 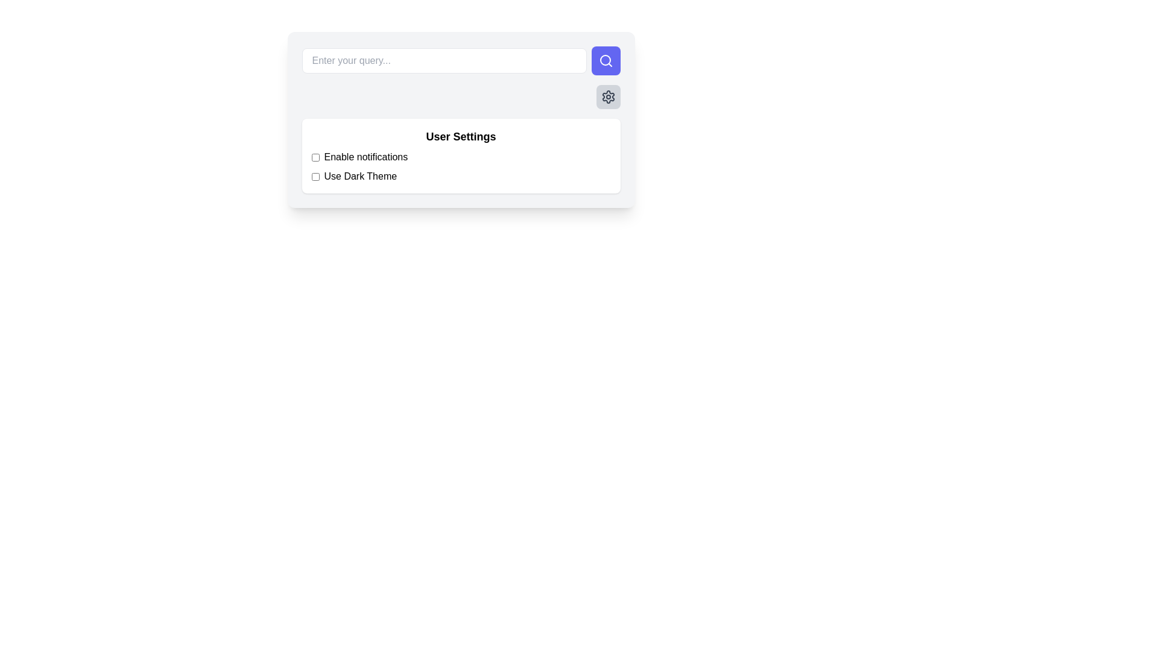 What do you see at coordinates (460, 136) in the screenshot?
I see `the Text label that serves as the header for the settings section, positioned above the 'Enable notifications' and 'Use Dark Theme' checkboxes` at bounding box center [460, 136].